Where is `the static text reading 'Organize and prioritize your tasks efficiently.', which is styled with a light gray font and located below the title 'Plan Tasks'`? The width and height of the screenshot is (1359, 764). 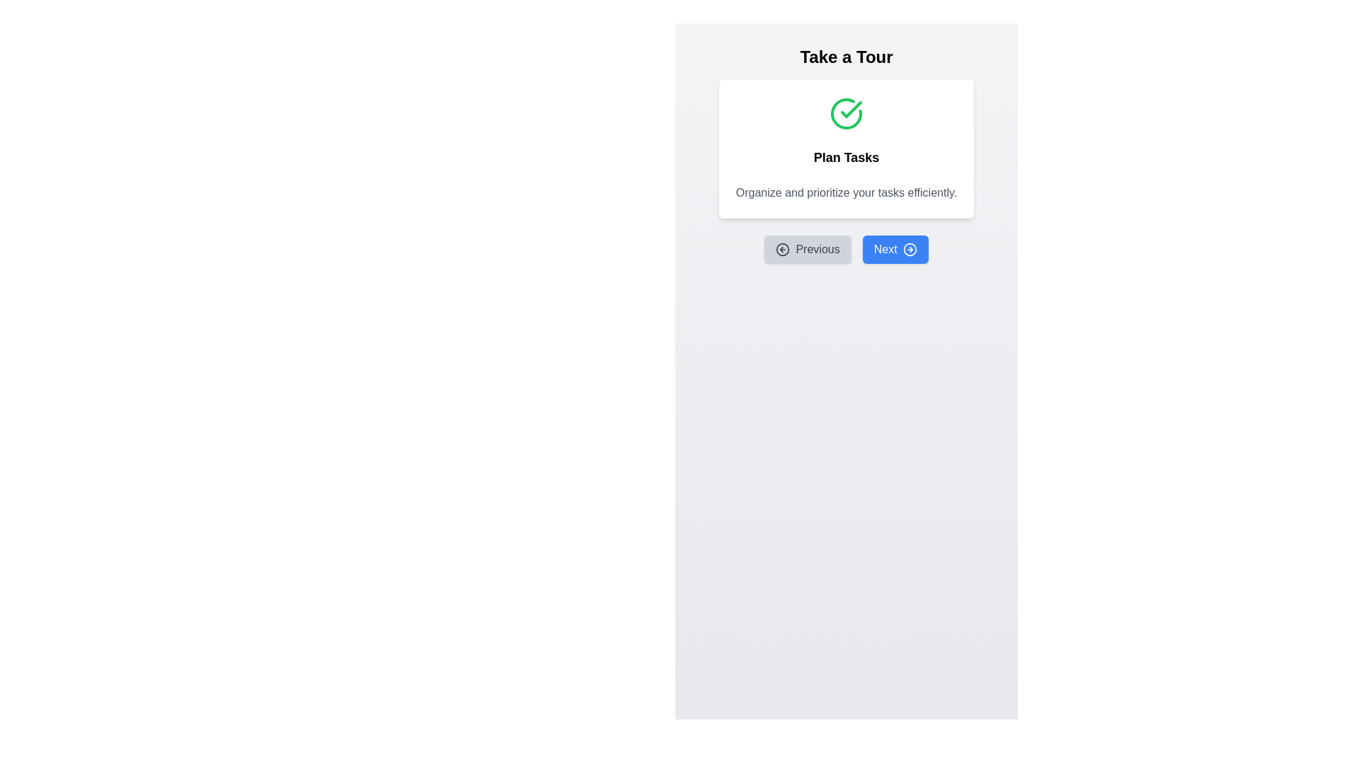
the static text reading 'Organize and prioritize your tasks efficiently.', which is styled with a light gray font and located below the title 'Plan Tasks' is located at coordinates (846, 193).